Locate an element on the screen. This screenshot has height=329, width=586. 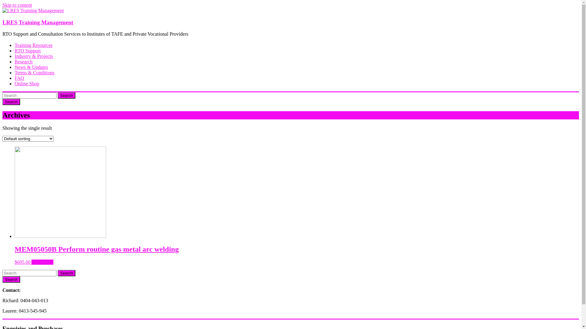
'MEM05050B Perform routine gas metal arc welding is located at coordinates (297, 249).